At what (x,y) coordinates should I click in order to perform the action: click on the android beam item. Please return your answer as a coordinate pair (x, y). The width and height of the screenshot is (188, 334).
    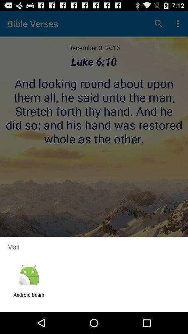
    Looking at the image, I should click on (29, 297).